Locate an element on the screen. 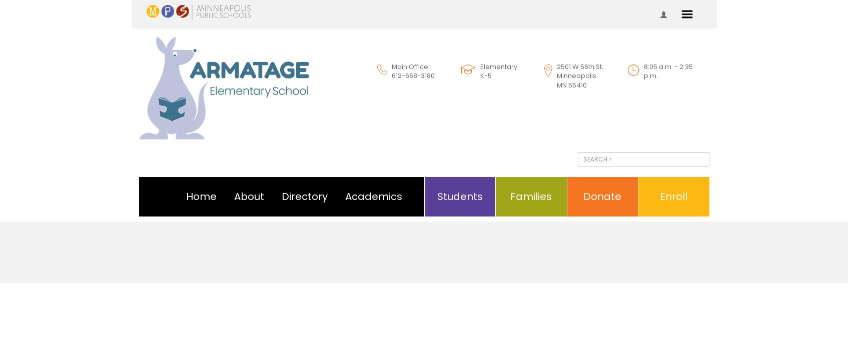 This screenshot has height=362, width=848. 'Academics' is located at coordinates (373, 196).